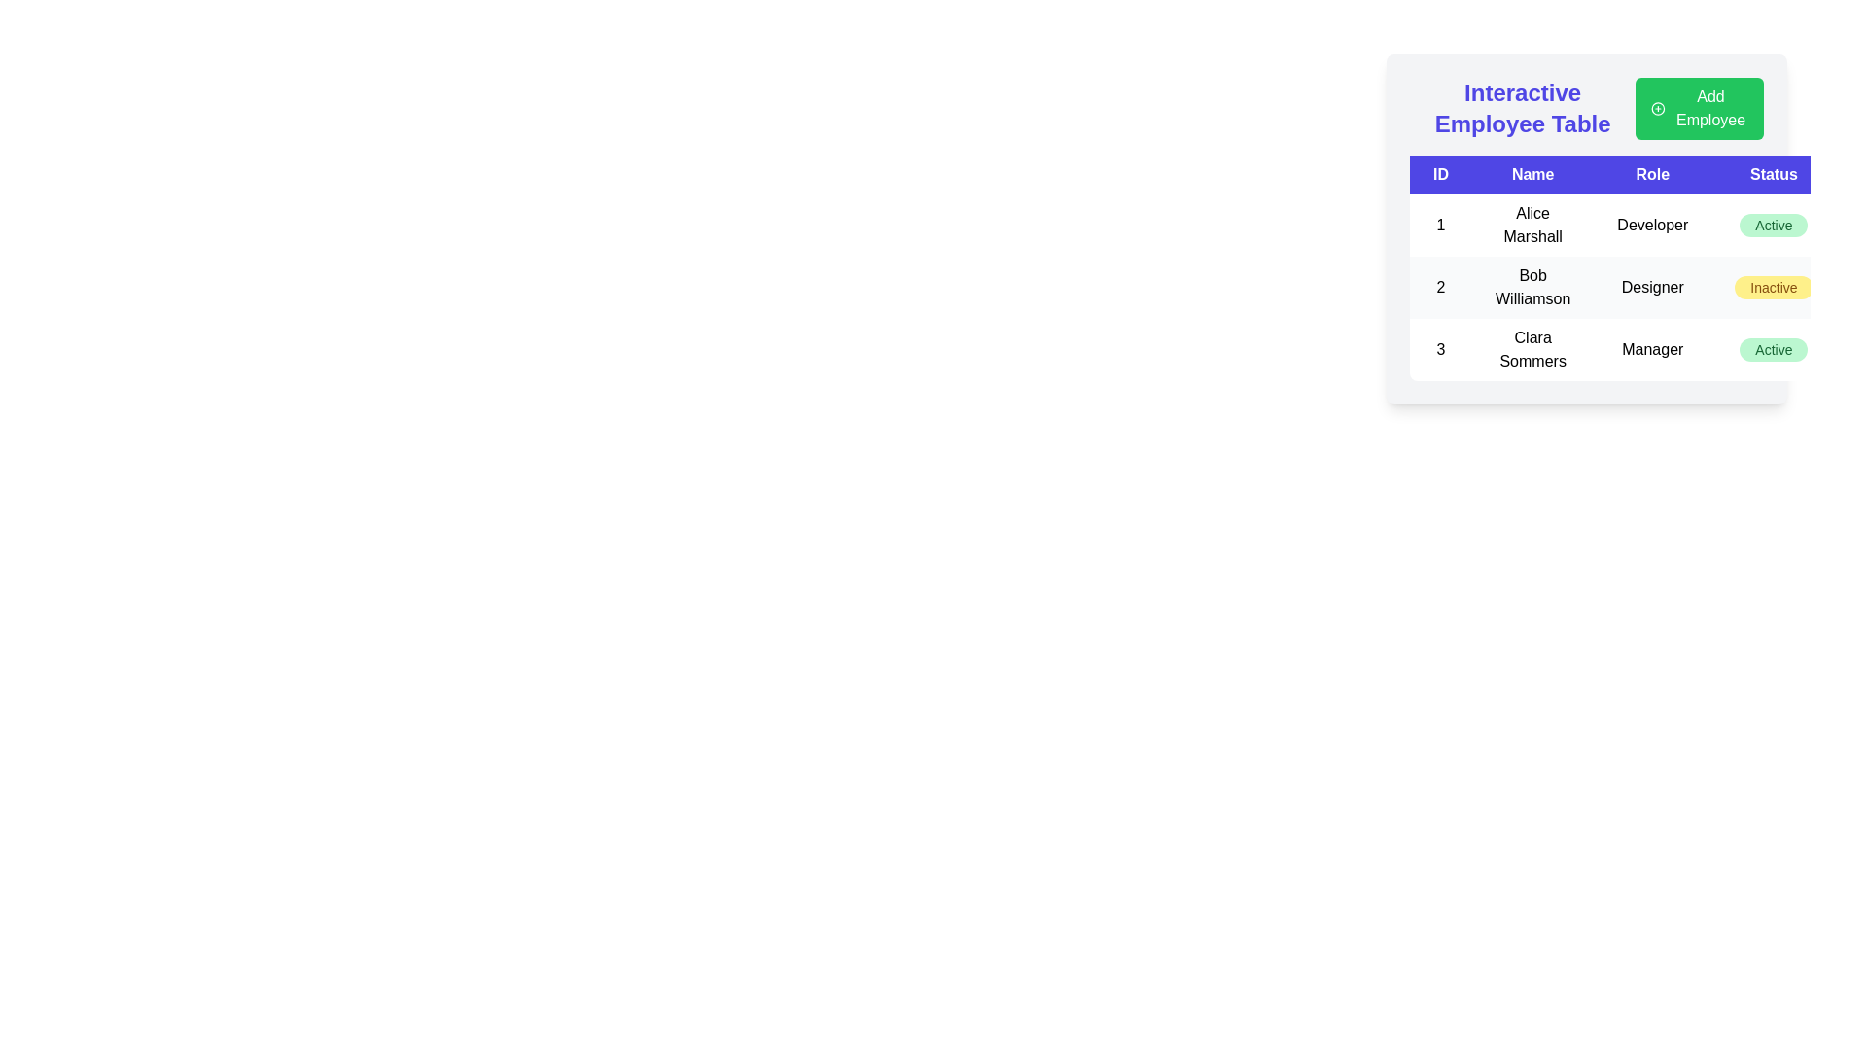 The height and width of the screenshot is (1050, 1867). What do you see at coordinates (1441, 224) in the screenshot?
I see `the static text element displaying the unique identifier for the first row in the 'Interactive Employee Table', located under the 'ID' column heading` at bounding box center [1441, 224].